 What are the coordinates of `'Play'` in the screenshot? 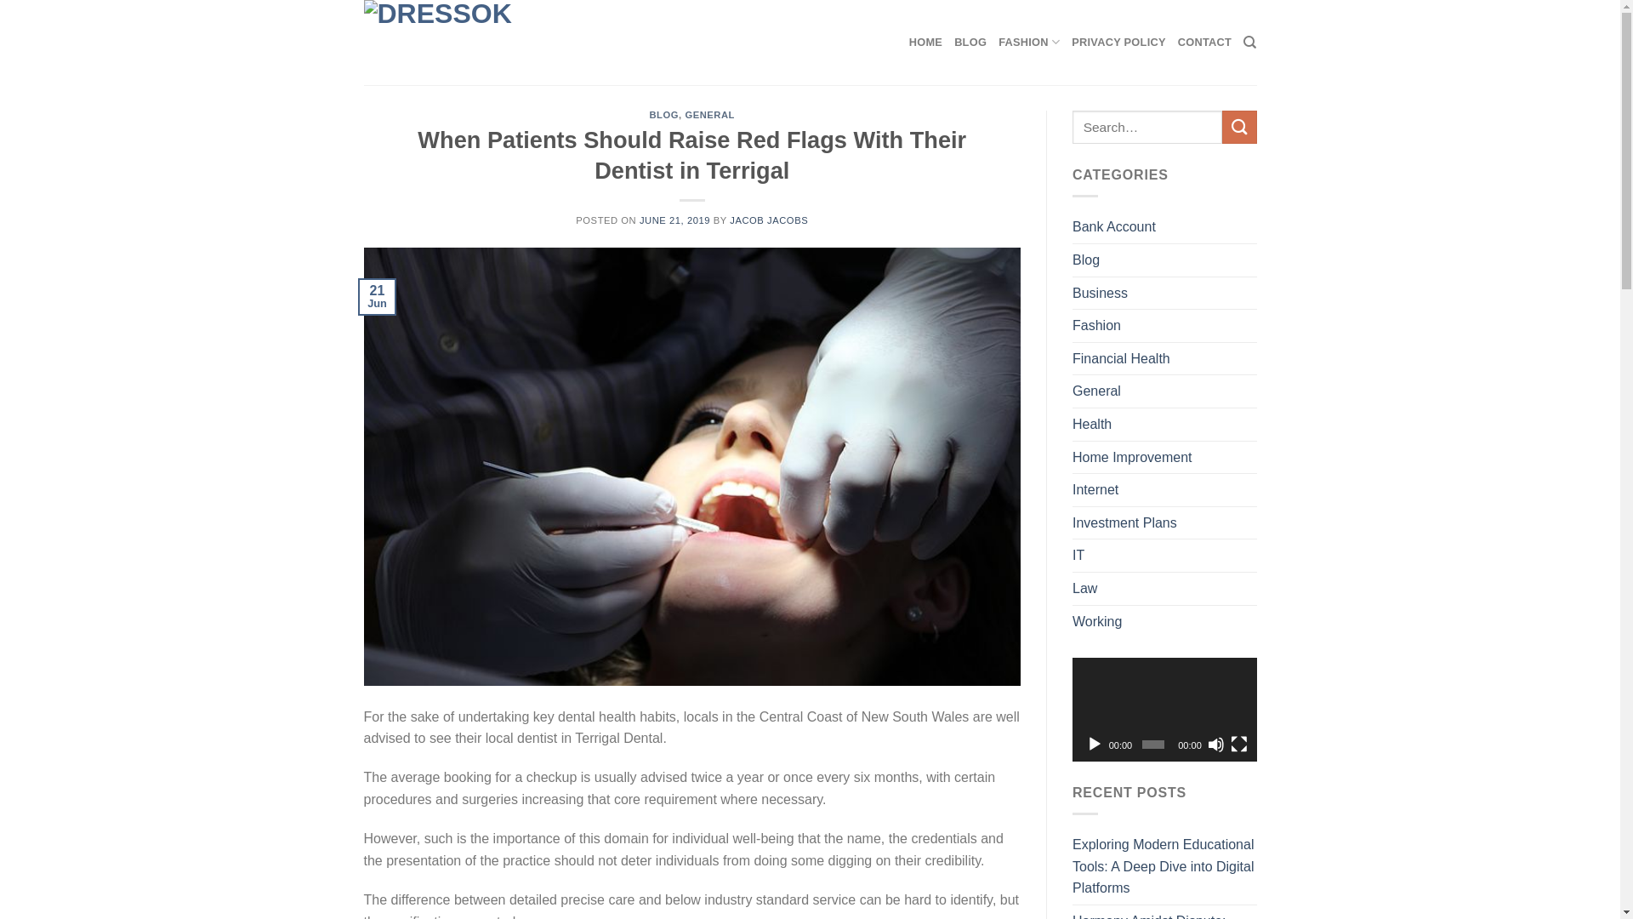 It's located at (1094, 744).